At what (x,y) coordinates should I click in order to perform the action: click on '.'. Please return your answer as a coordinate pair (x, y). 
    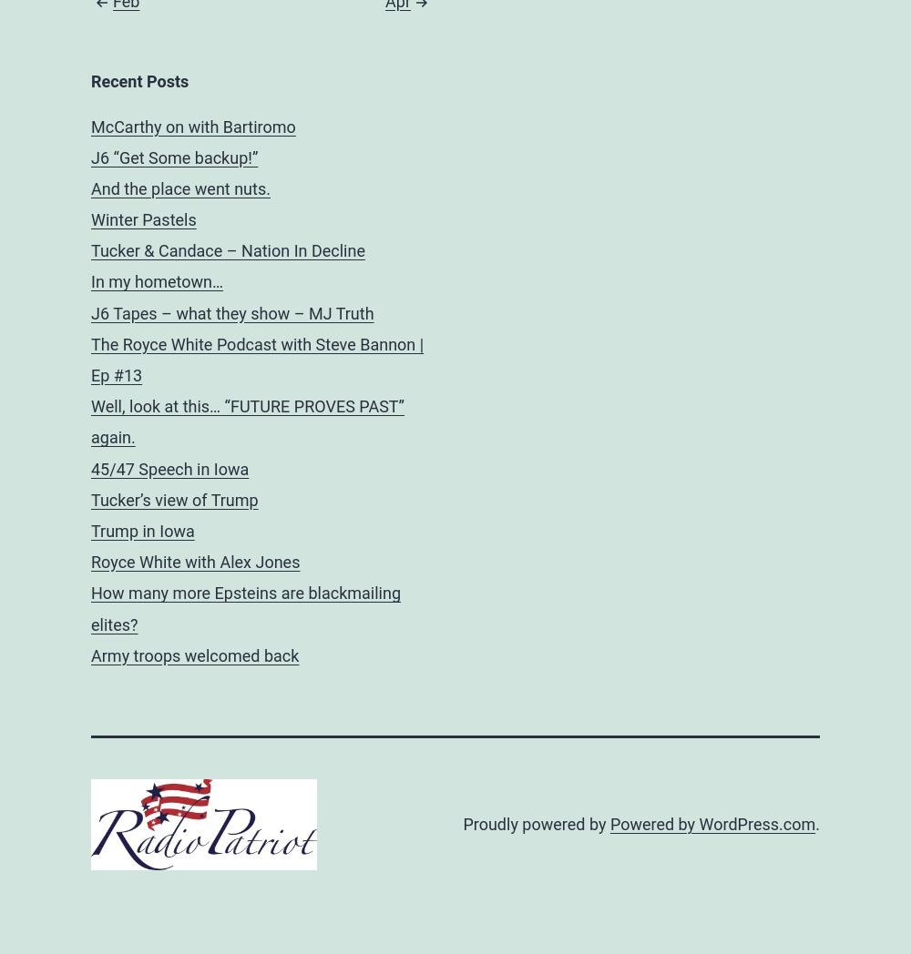
    Looking at the image, I should click on (817, 822).